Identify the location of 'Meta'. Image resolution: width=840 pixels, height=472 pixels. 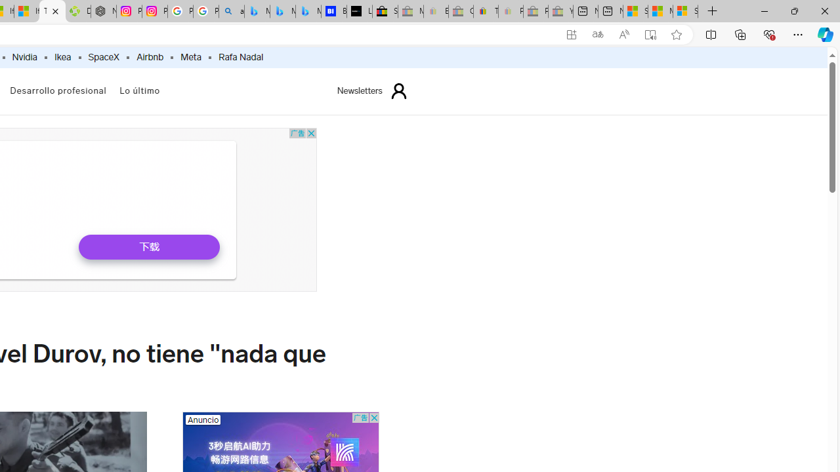
(190, 57).